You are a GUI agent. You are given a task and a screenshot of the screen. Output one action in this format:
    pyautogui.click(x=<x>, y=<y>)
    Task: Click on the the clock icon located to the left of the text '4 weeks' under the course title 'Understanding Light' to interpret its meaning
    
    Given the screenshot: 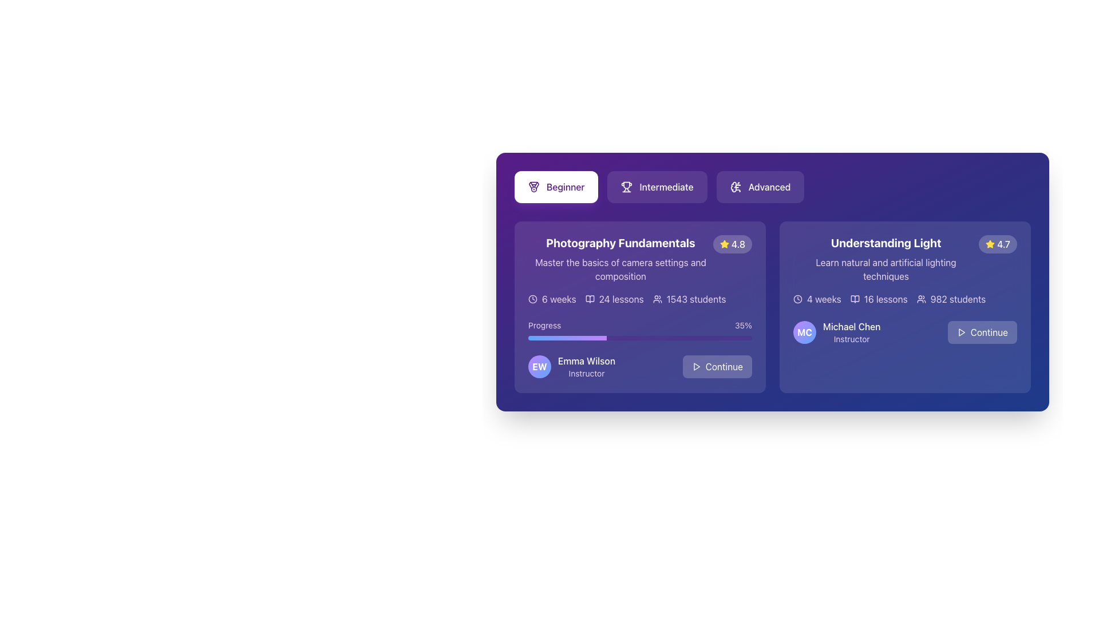 What is the action you would take?
    pyautogui.click(x=797, y=299)
    